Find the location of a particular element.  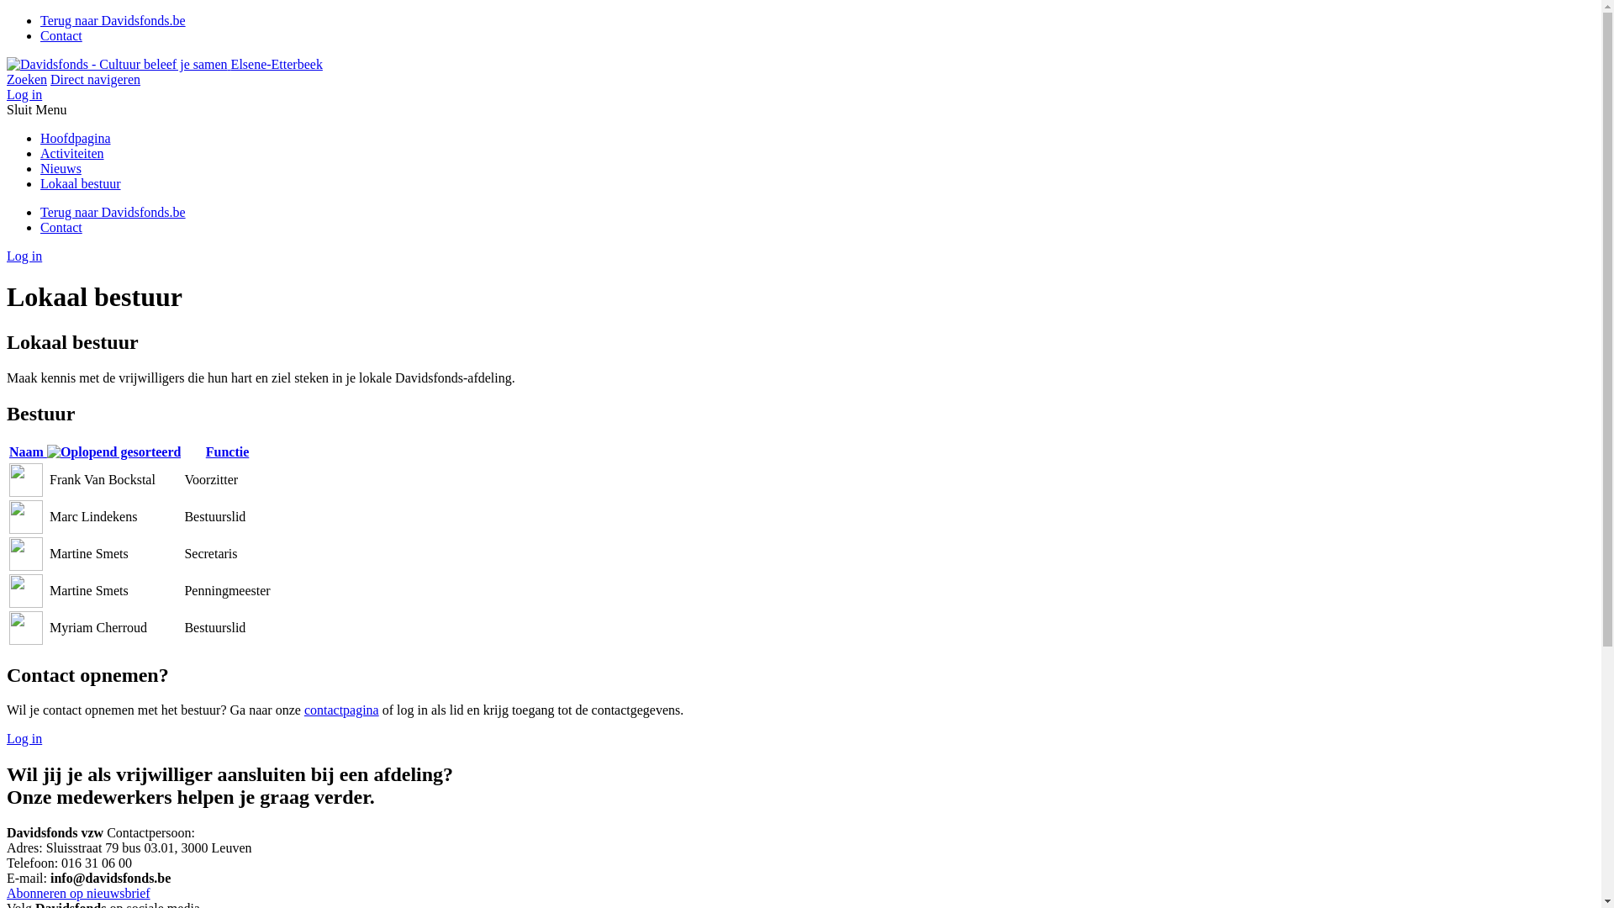

'contactpagina' is located at coordinates (303, 710).